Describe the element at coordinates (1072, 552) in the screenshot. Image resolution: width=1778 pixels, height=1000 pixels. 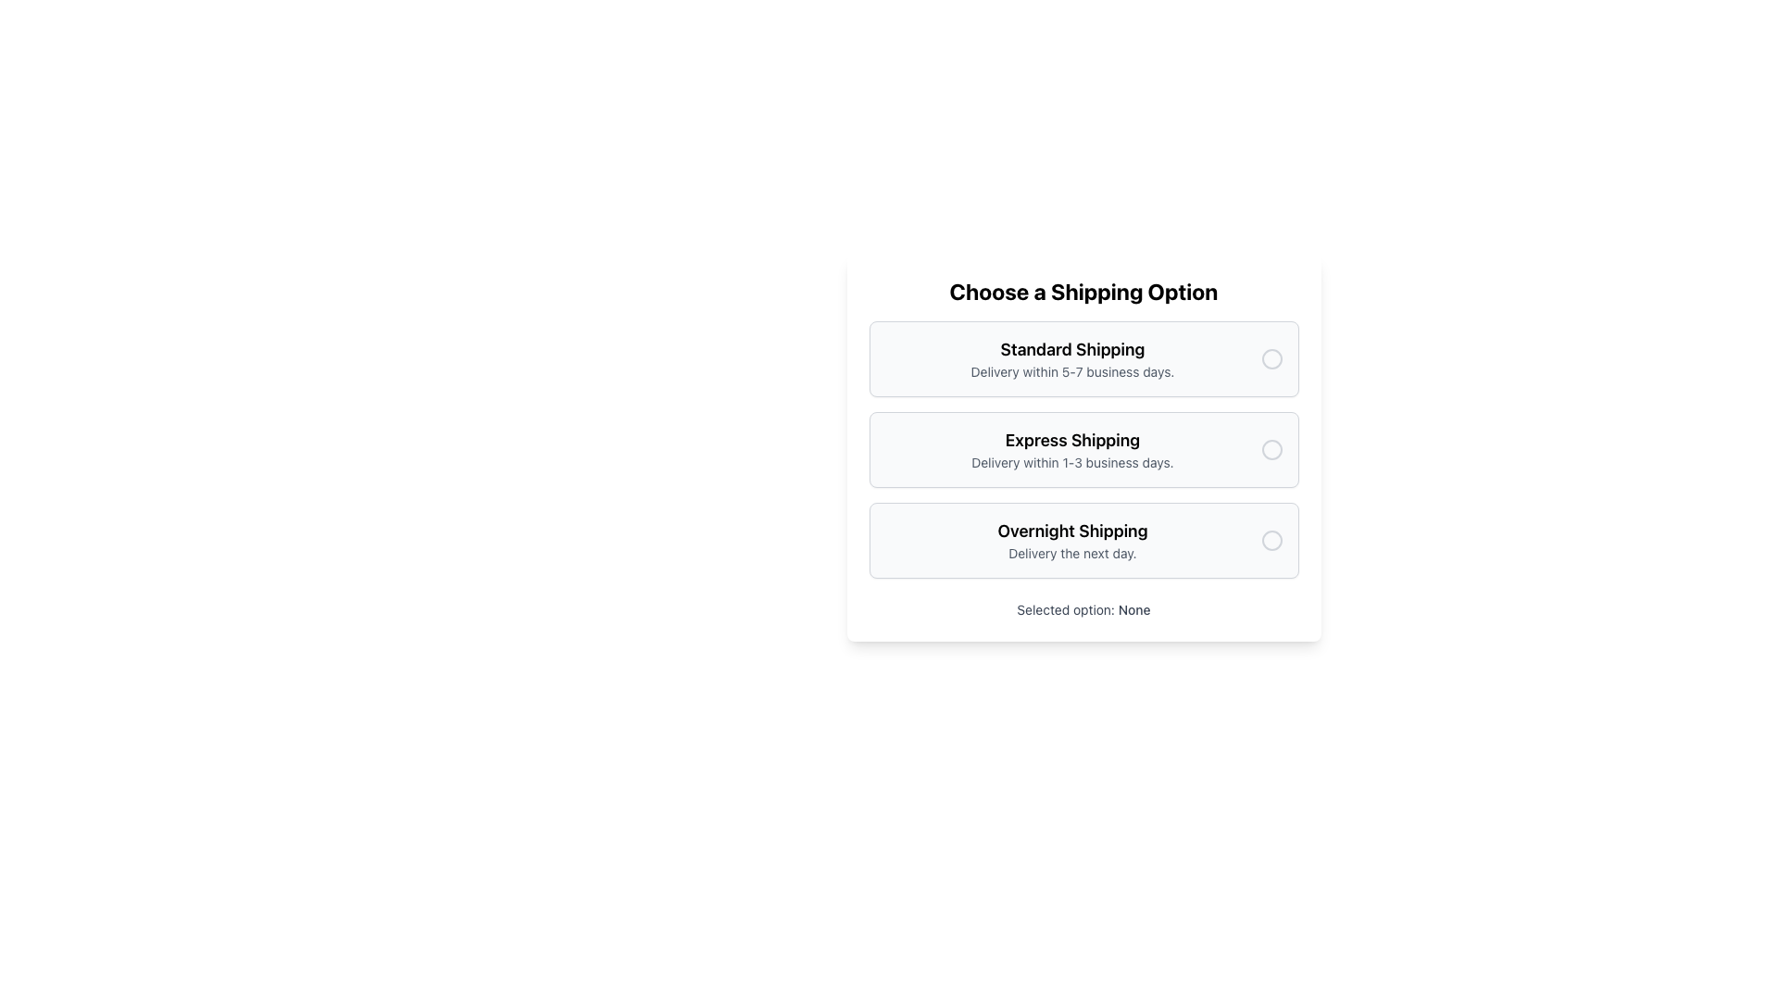
I see `text label that describes the 'Overnight Shipping' option, positioned below the title in the shipping methods list` at that location.